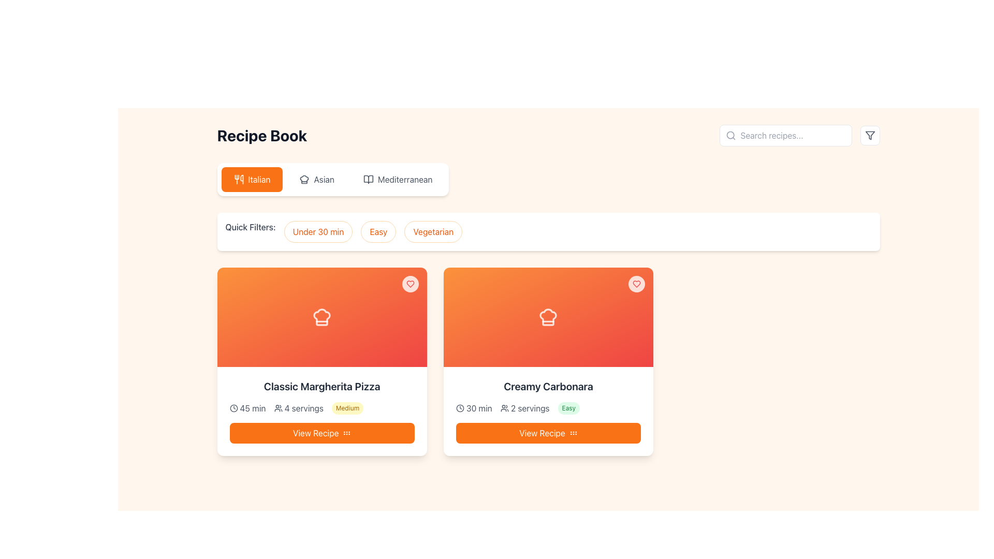 Image resolution: width=994 pixels, height=559 pixels. I want to click on the chef hat icon that represents the 'Creamy Carbonara' recipe, which is centered within an orange-to-red gradient card, so click(548, 317).